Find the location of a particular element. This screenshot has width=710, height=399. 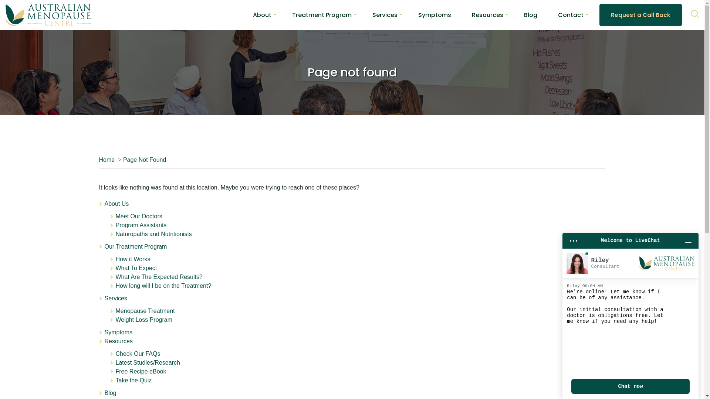

'Treatment Program' is located at coordinates (322, 14).